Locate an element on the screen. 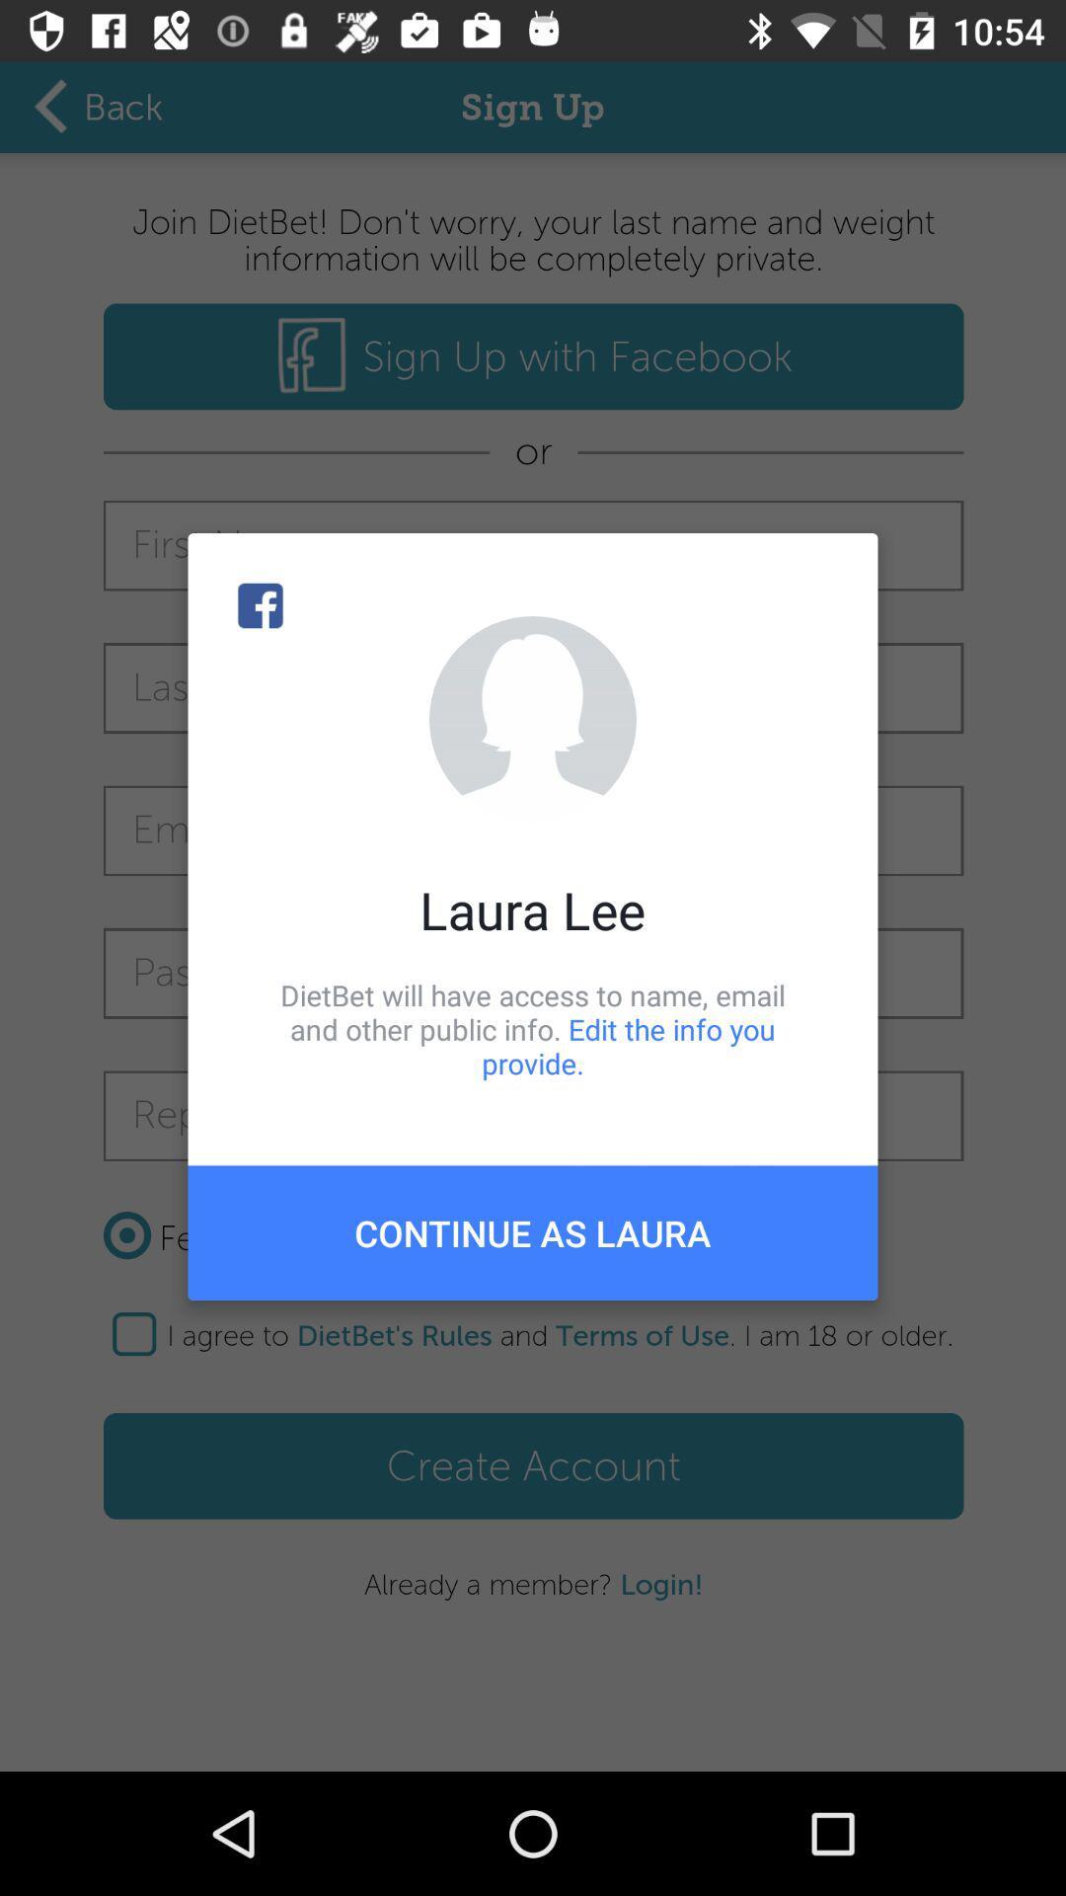 Image resolution: width=1066 pixels, height=1896 pixels. item above continue as laura item is located at coordinates (533, 1028).